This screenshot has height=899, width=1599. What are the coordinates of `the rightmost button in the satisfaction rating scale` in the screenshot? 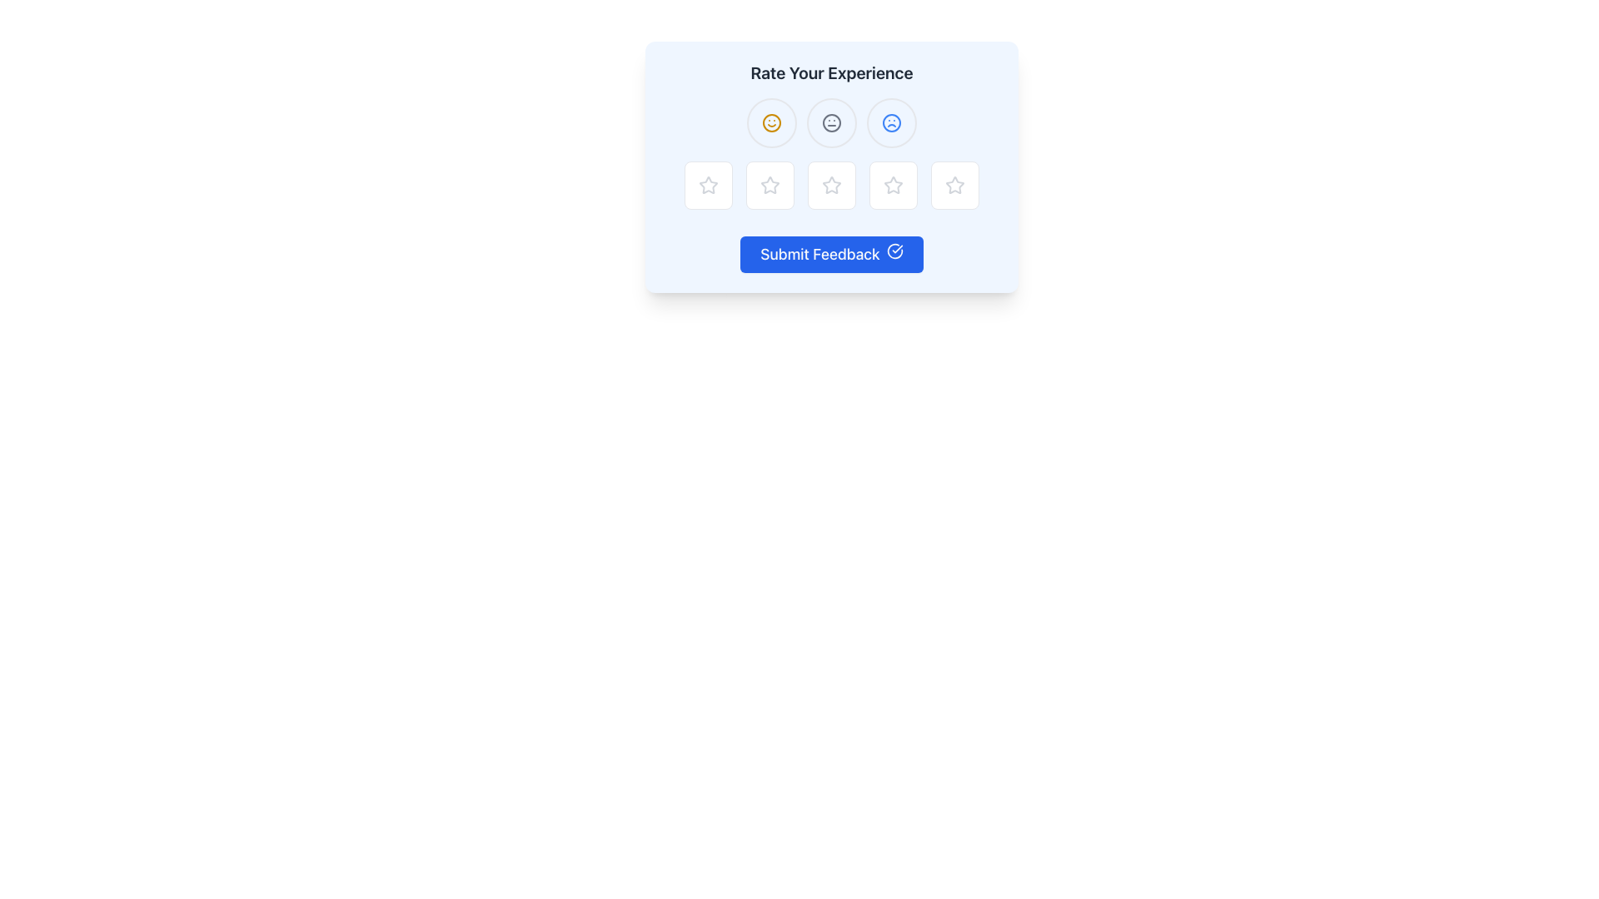 It's located at (890, 122).